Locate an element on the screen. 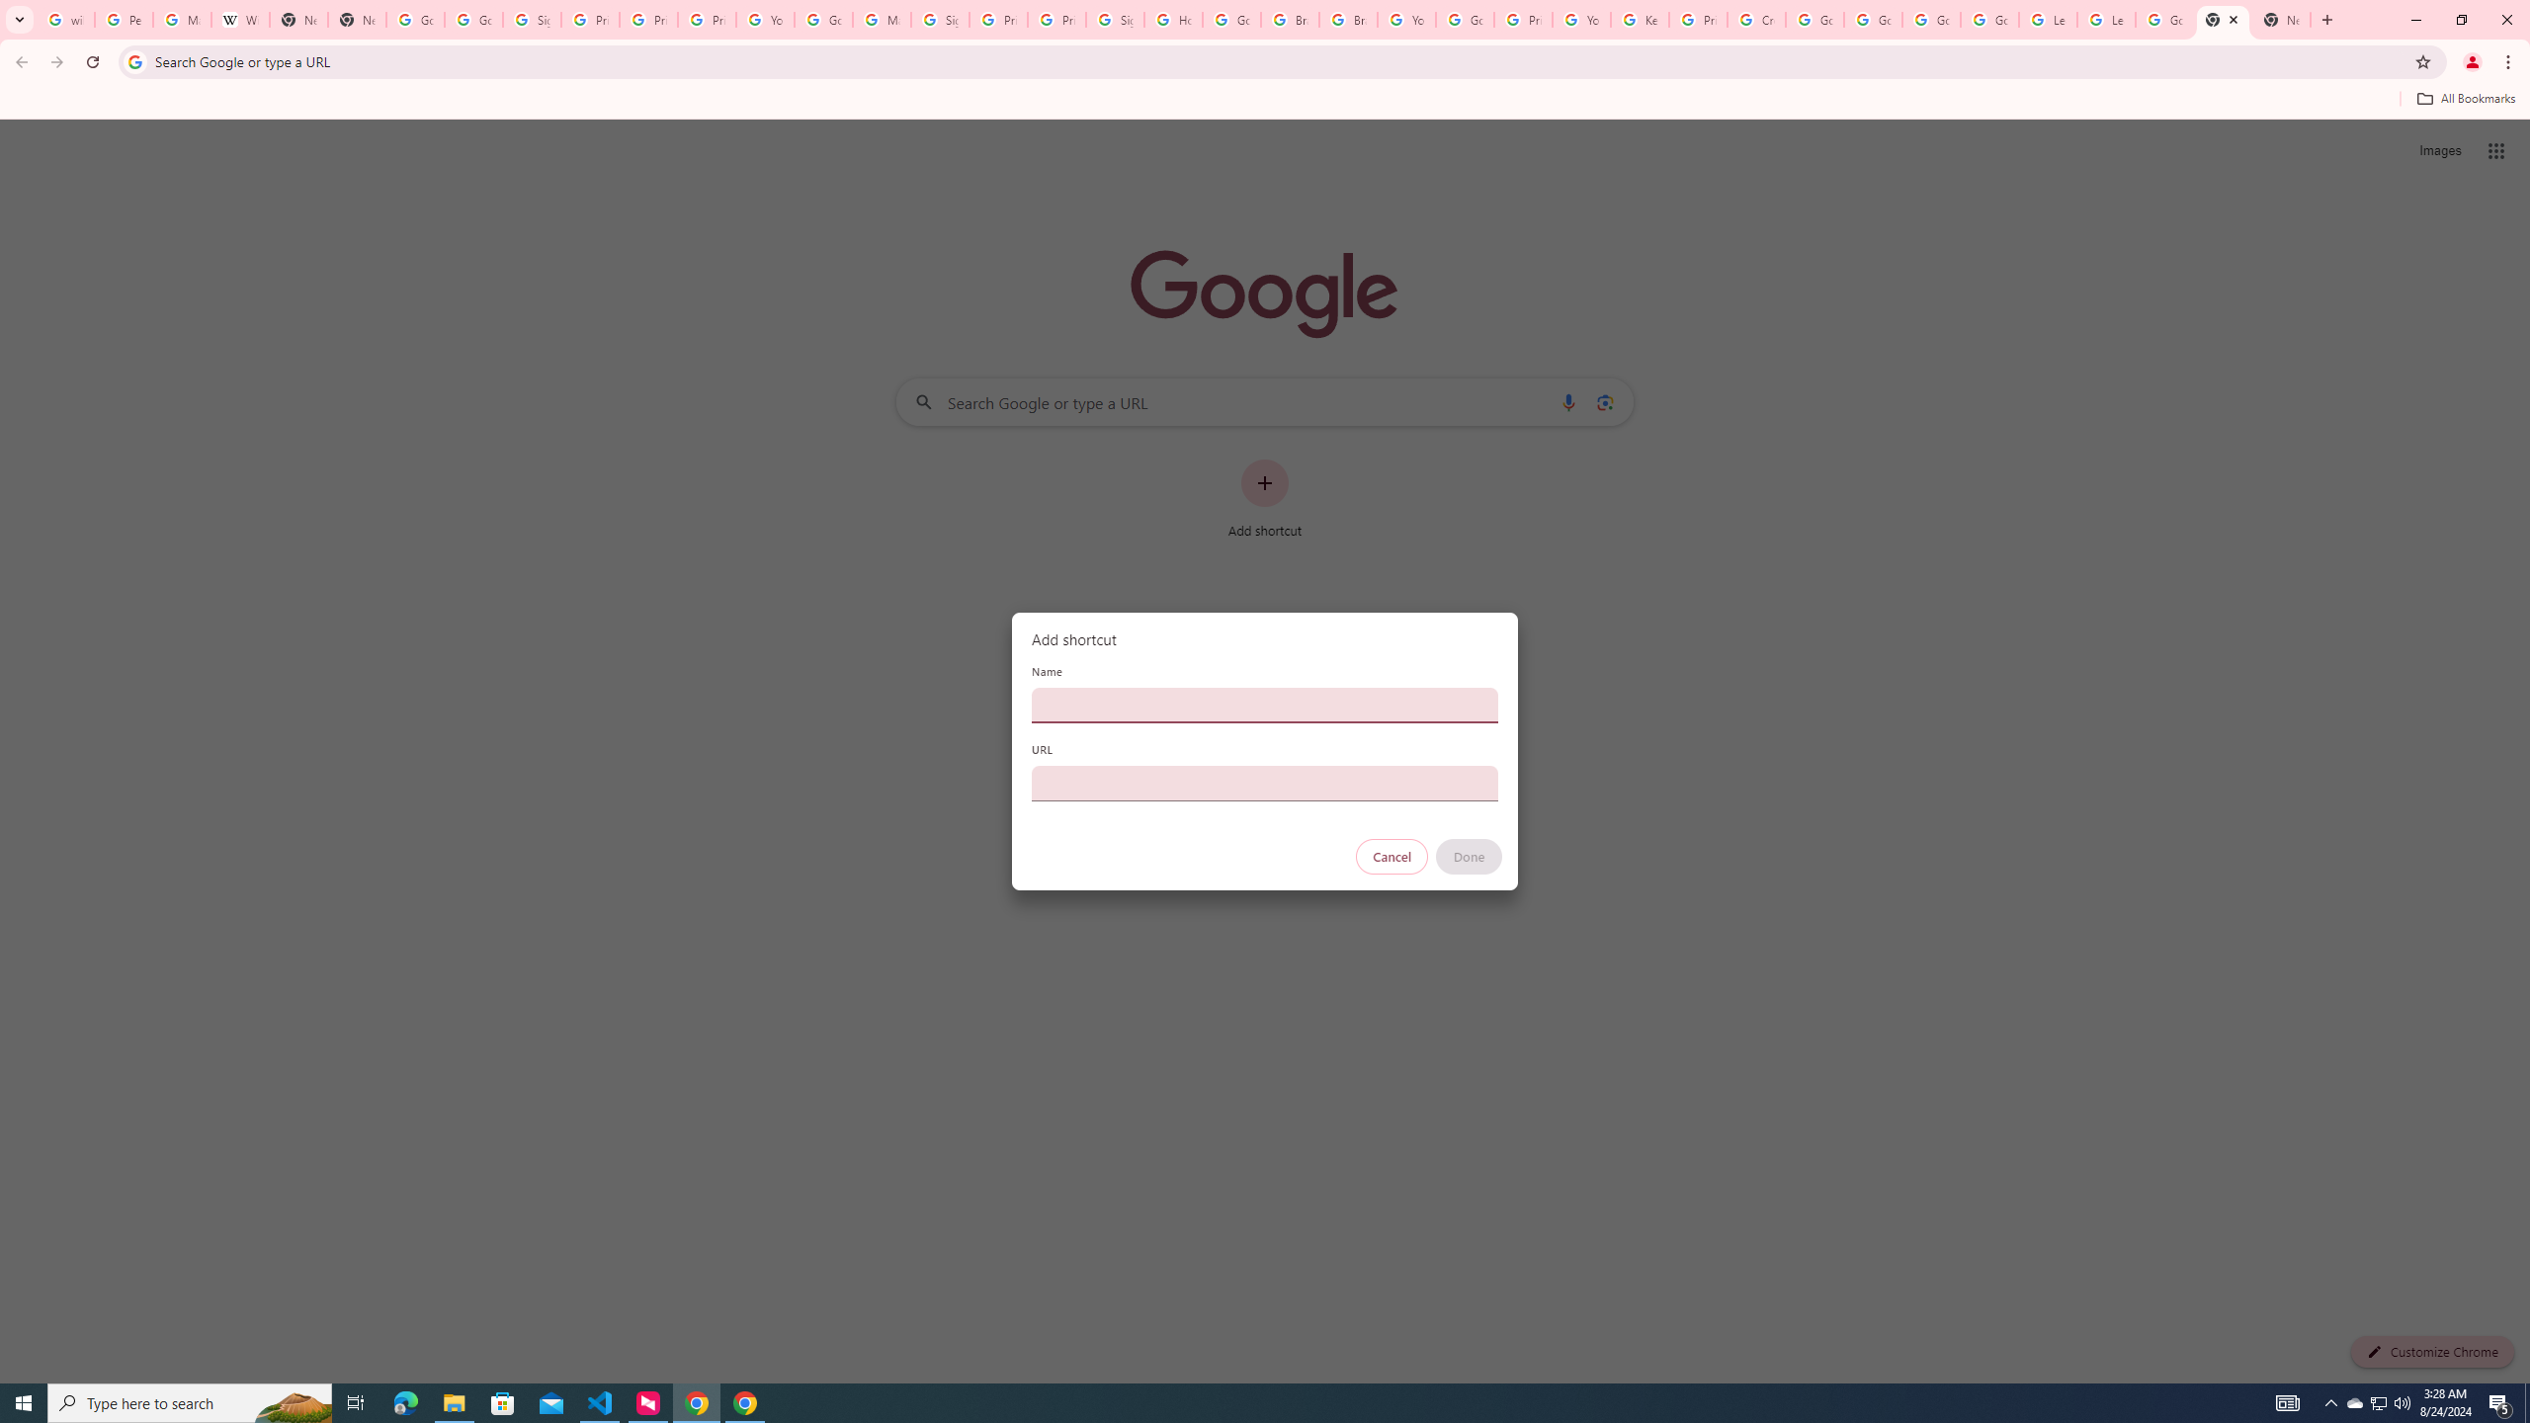  'New Tab' is located at coordinates (2224, 19).